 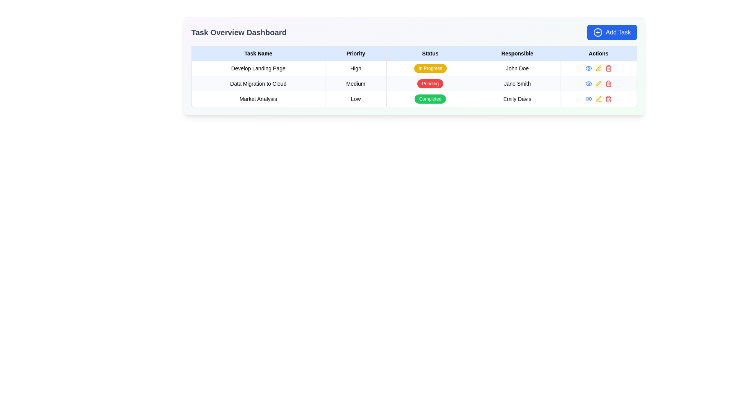 I want to click on the Status Badge indicating 'Pending' status for the 'Data Migration to Cloud' task located in the second row of the Status column, so click(x=430, y=84).